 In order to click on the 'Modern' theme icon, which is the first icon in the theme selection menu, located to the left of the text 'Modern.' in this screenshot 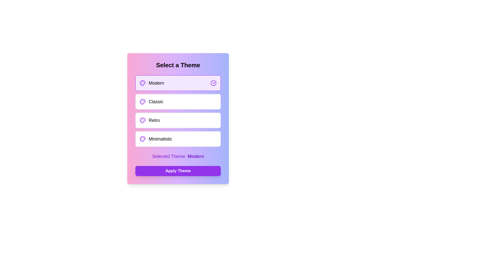, I will do `click(142, 83)`.